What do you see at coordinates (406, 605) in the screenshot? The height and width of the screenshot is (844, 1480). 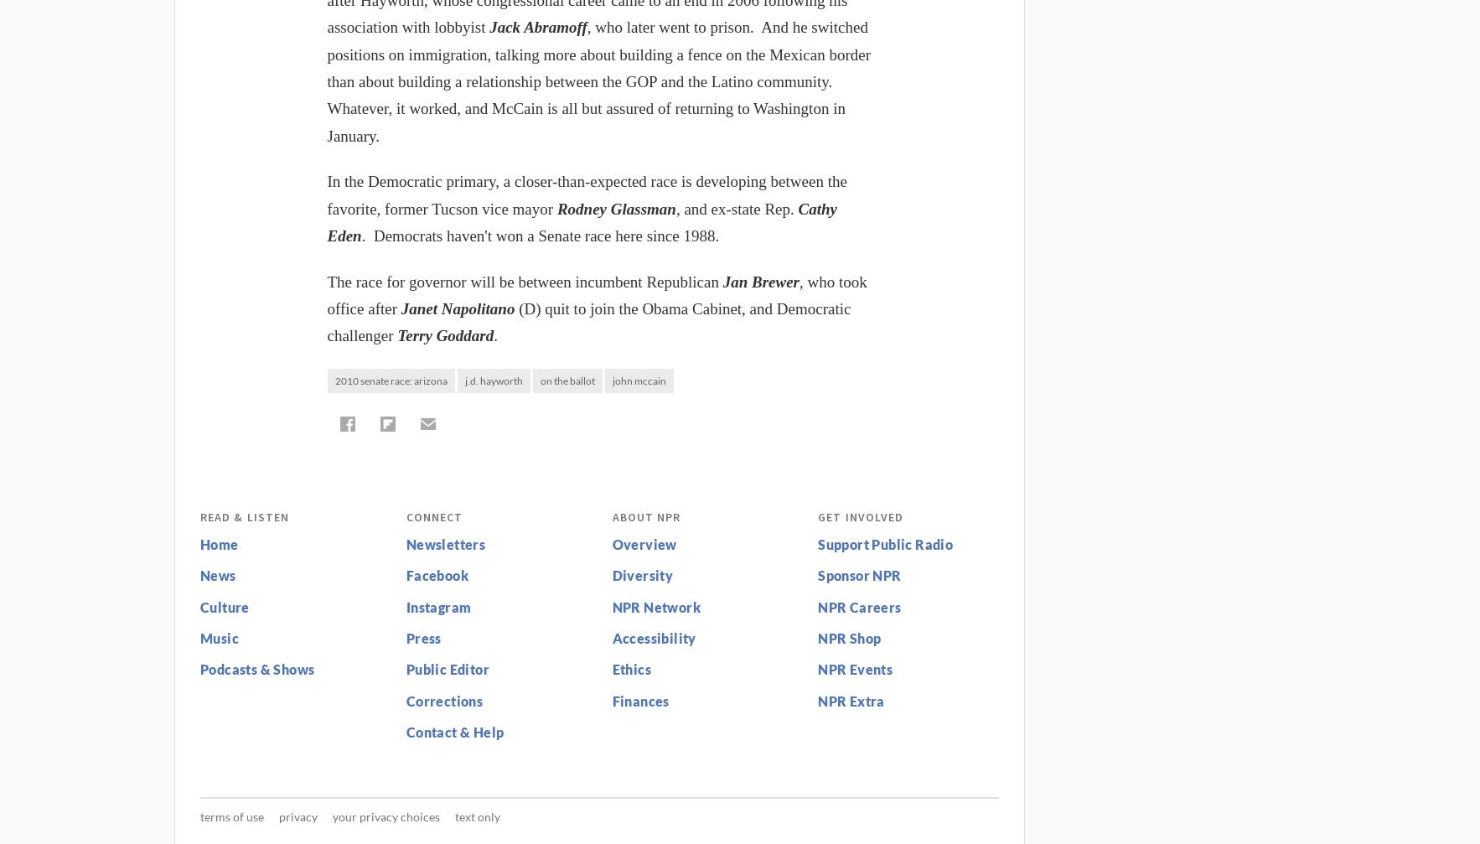 I see `'Instagram'` at bounding box center [406, 605].